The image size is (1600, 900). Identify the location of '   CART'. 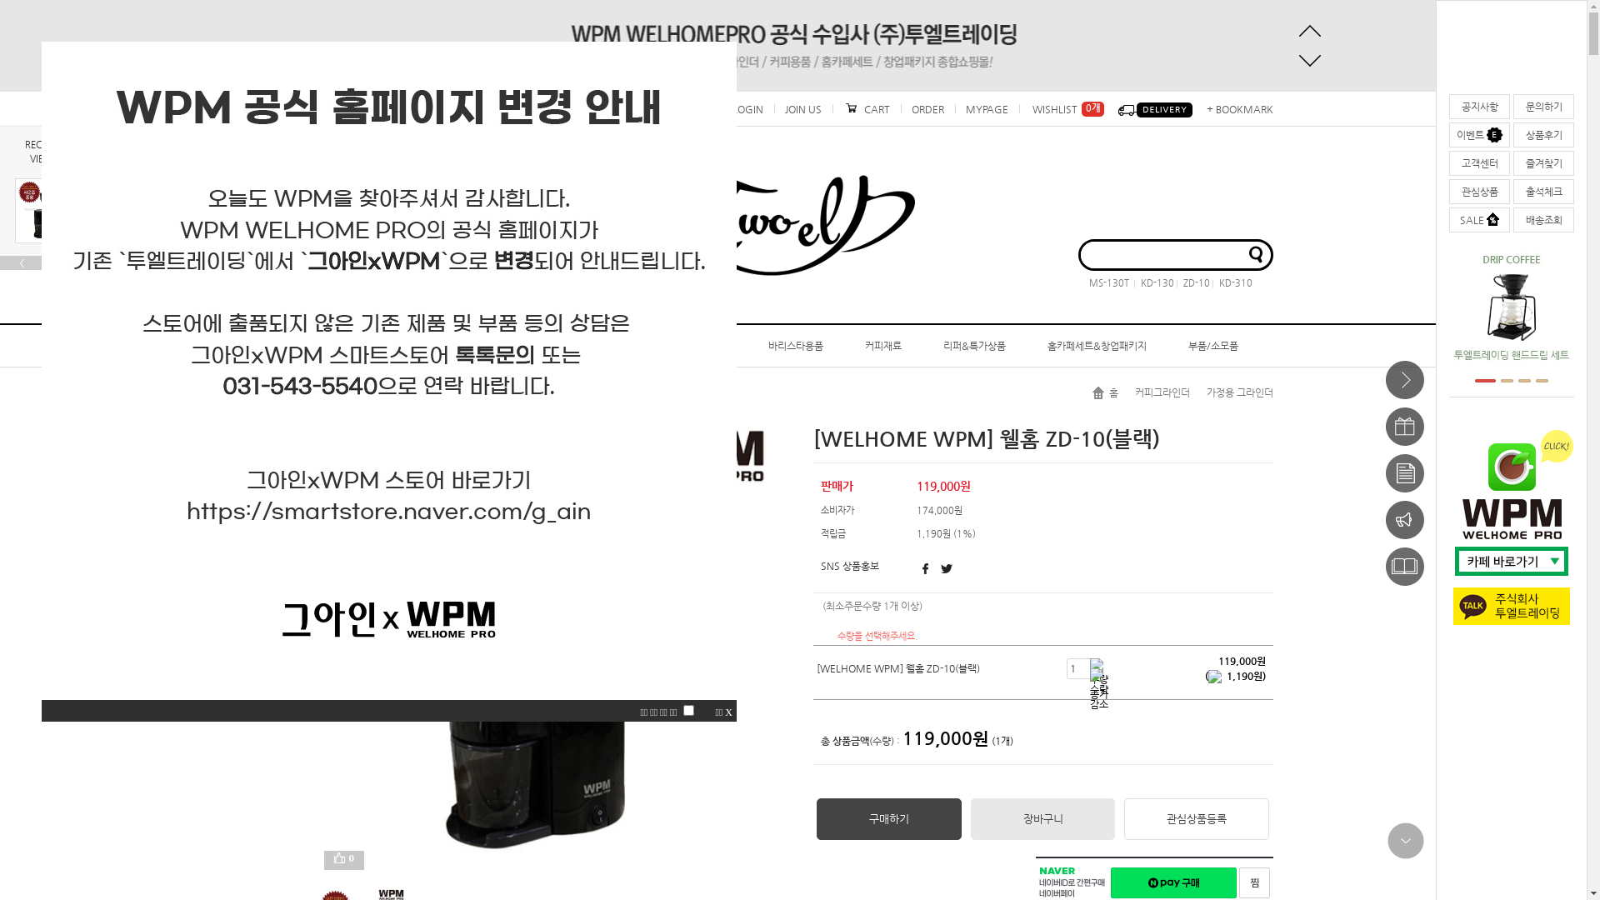
(865, 109).